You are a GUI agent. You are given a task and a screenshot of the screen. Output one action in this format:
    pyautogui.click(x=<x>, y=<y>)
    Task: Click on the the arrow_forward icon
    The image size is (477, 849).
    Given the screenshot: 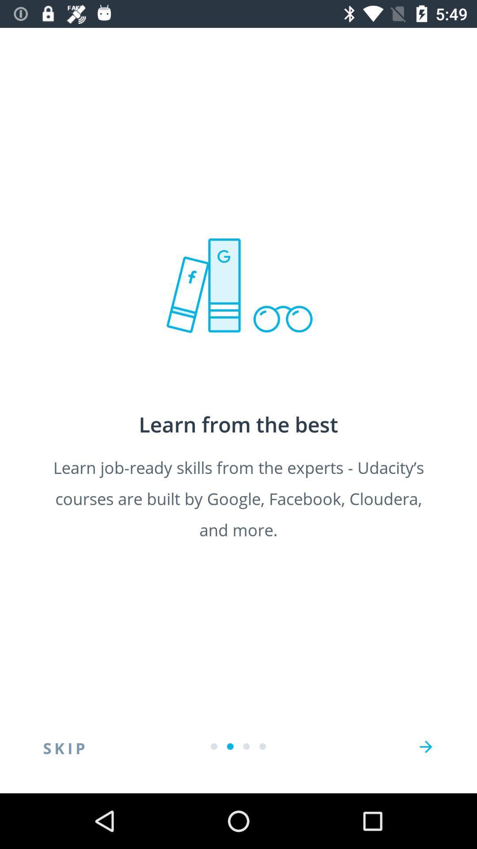 What is the action you would take?
    pyautogui.click(x=425, y=746)
    